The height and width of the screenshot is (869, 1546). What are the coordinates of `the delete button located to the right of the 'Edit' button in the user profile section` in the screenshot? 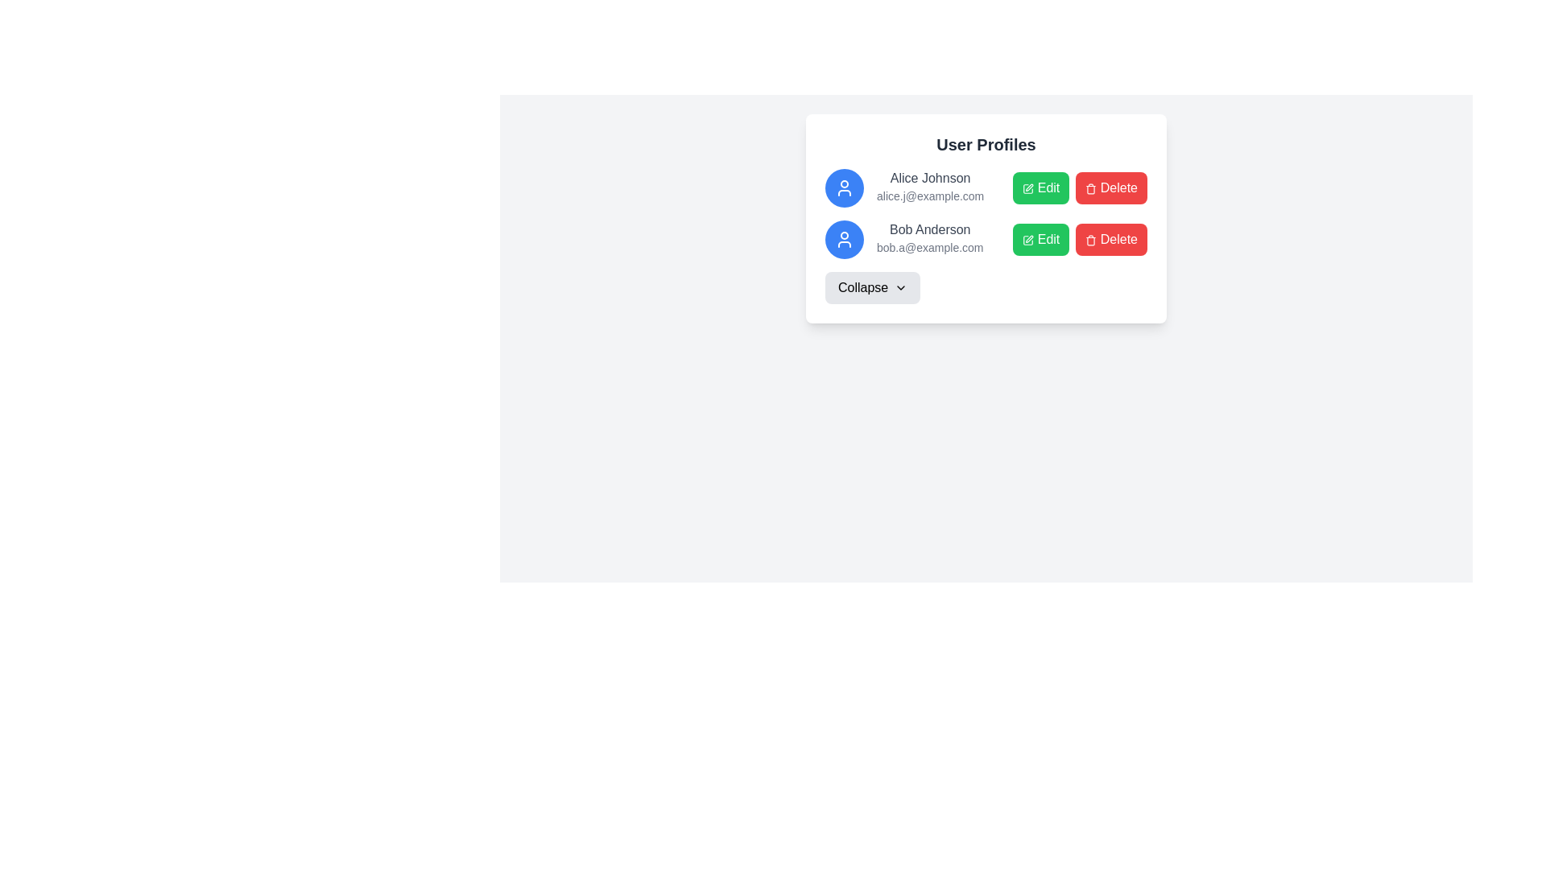 It's located at (1110, 187).